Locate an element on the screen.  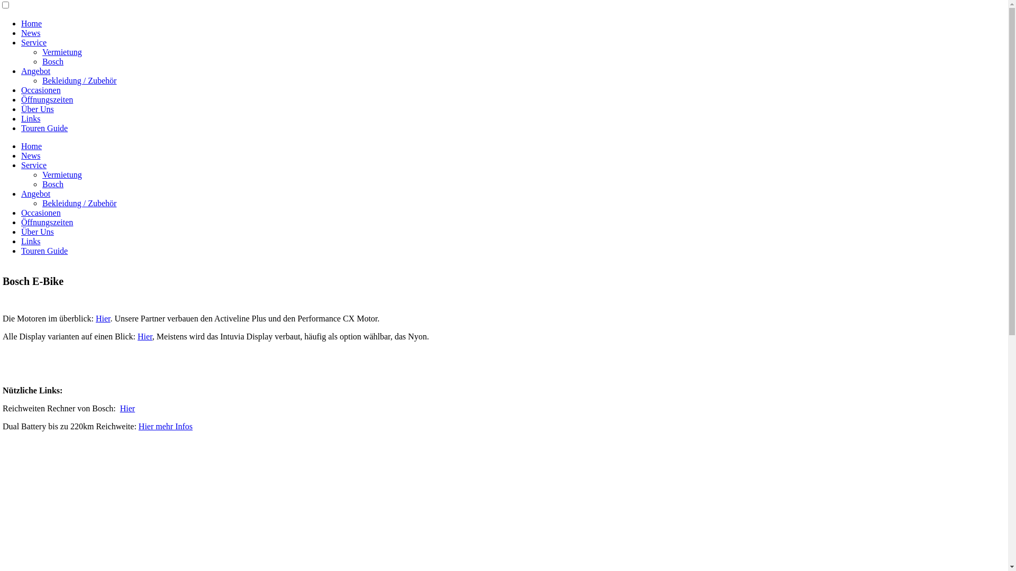
'News' is located at coordinates (30, 32).